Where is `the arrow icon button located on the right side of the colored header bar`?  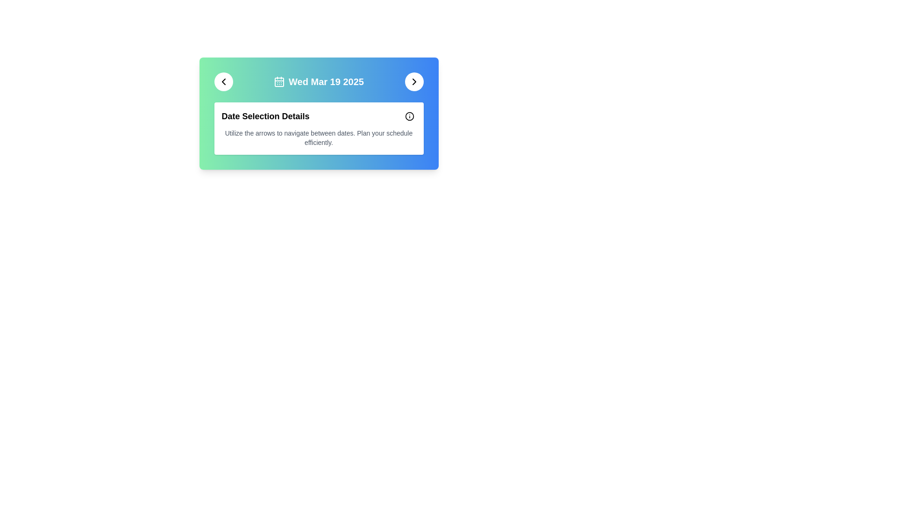
the arrow icon button located on the right side of the colored header bar is located at coordinates (413, 81).